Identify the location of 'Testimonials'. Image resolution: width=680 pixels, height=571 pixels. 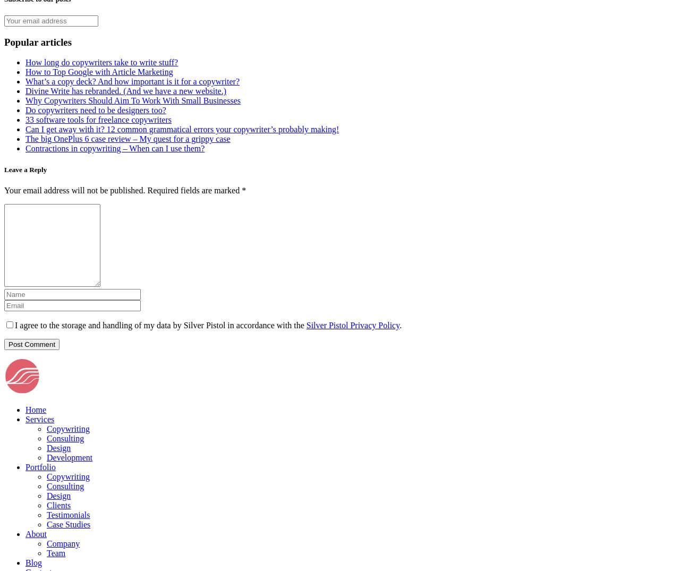
(46, 514).